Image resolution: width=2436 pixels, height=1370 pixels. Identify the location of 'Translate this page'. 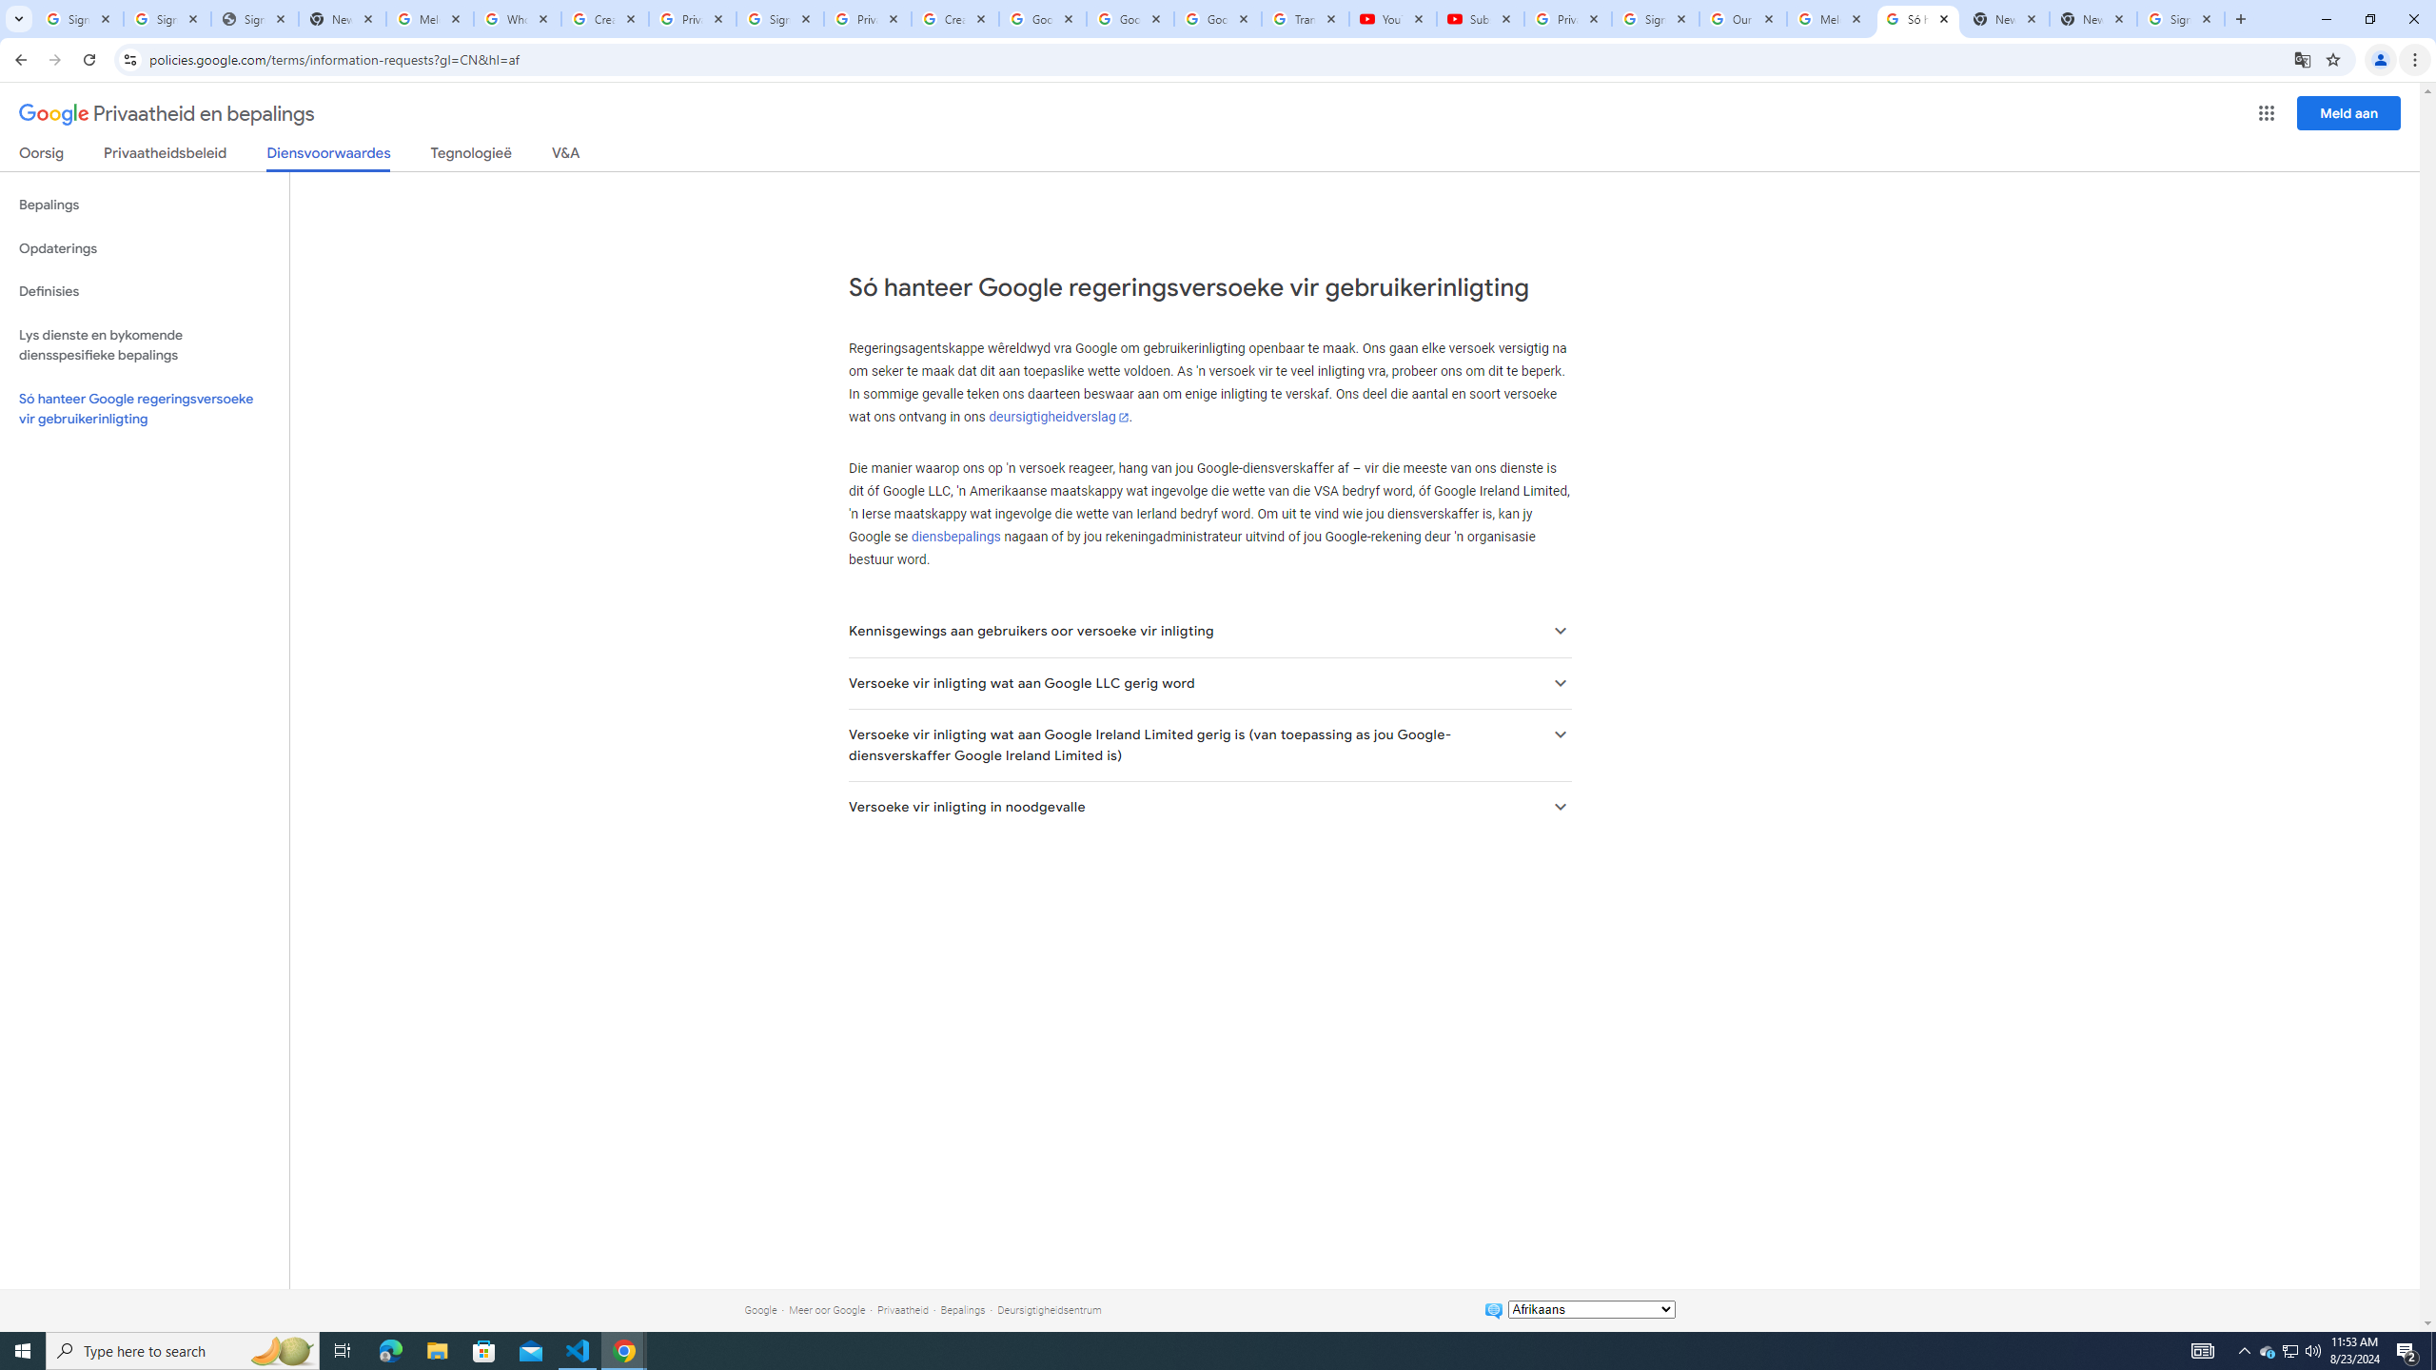
(2303, 58).